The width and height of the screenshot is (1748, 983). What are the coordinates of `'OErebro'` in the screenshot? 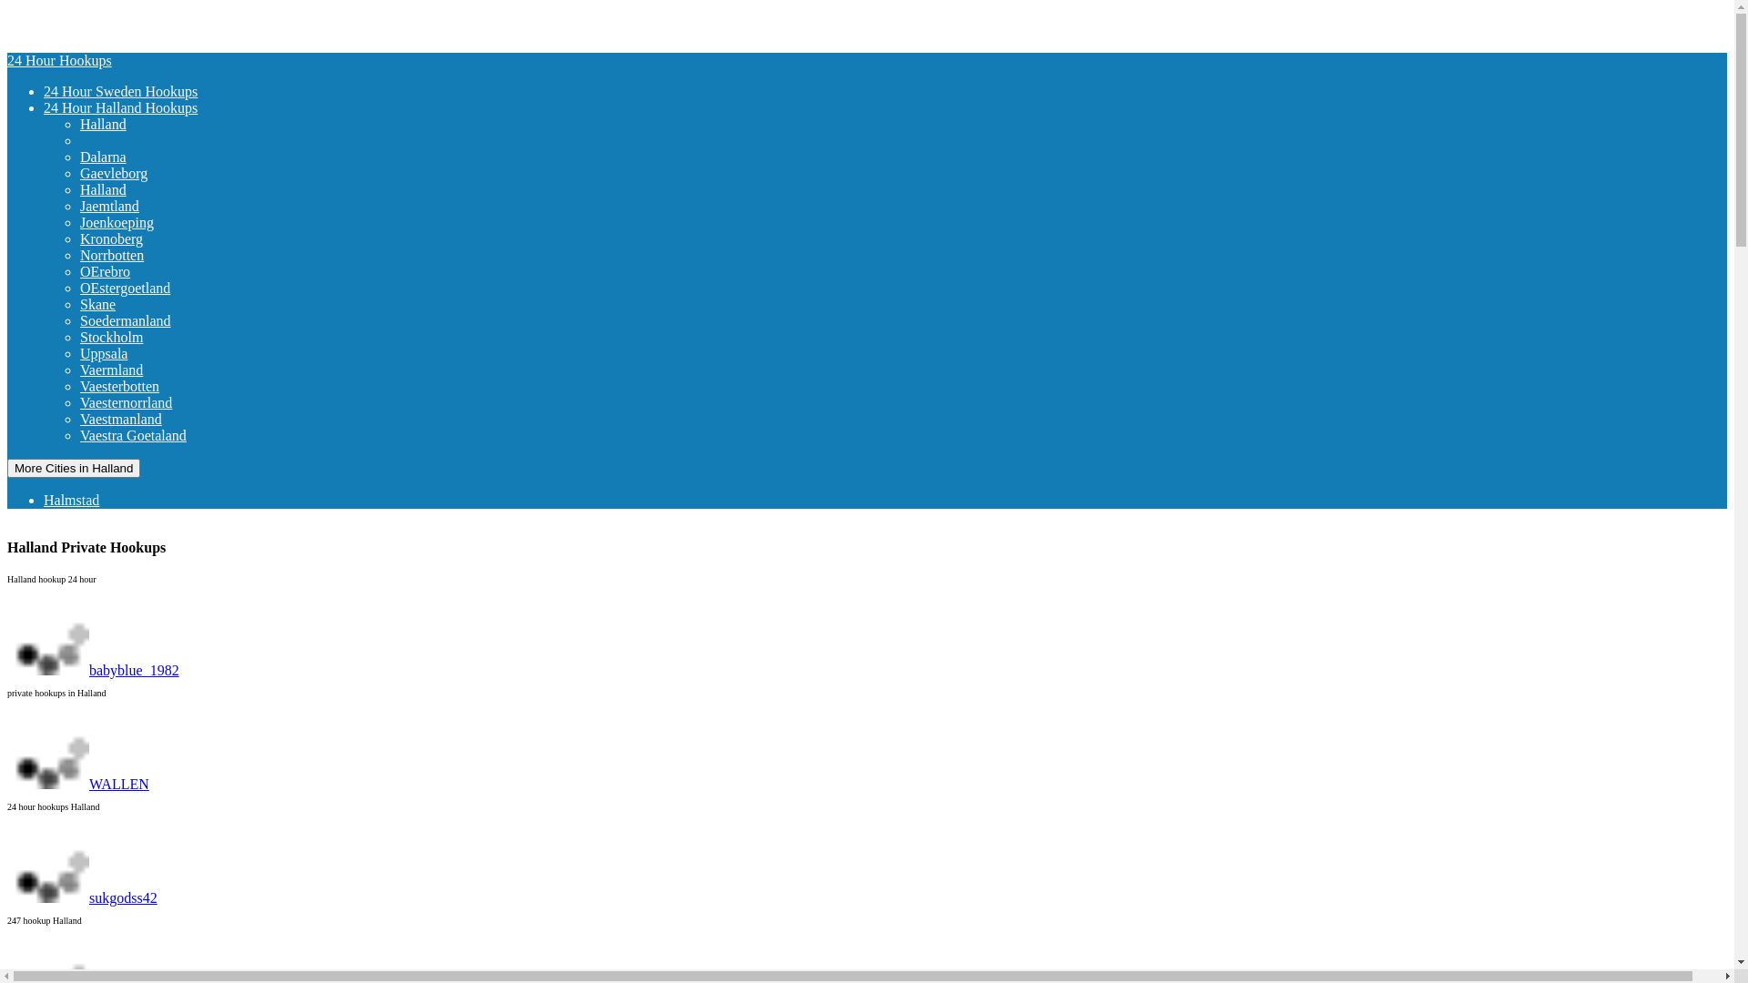 It's located at (78, 271).